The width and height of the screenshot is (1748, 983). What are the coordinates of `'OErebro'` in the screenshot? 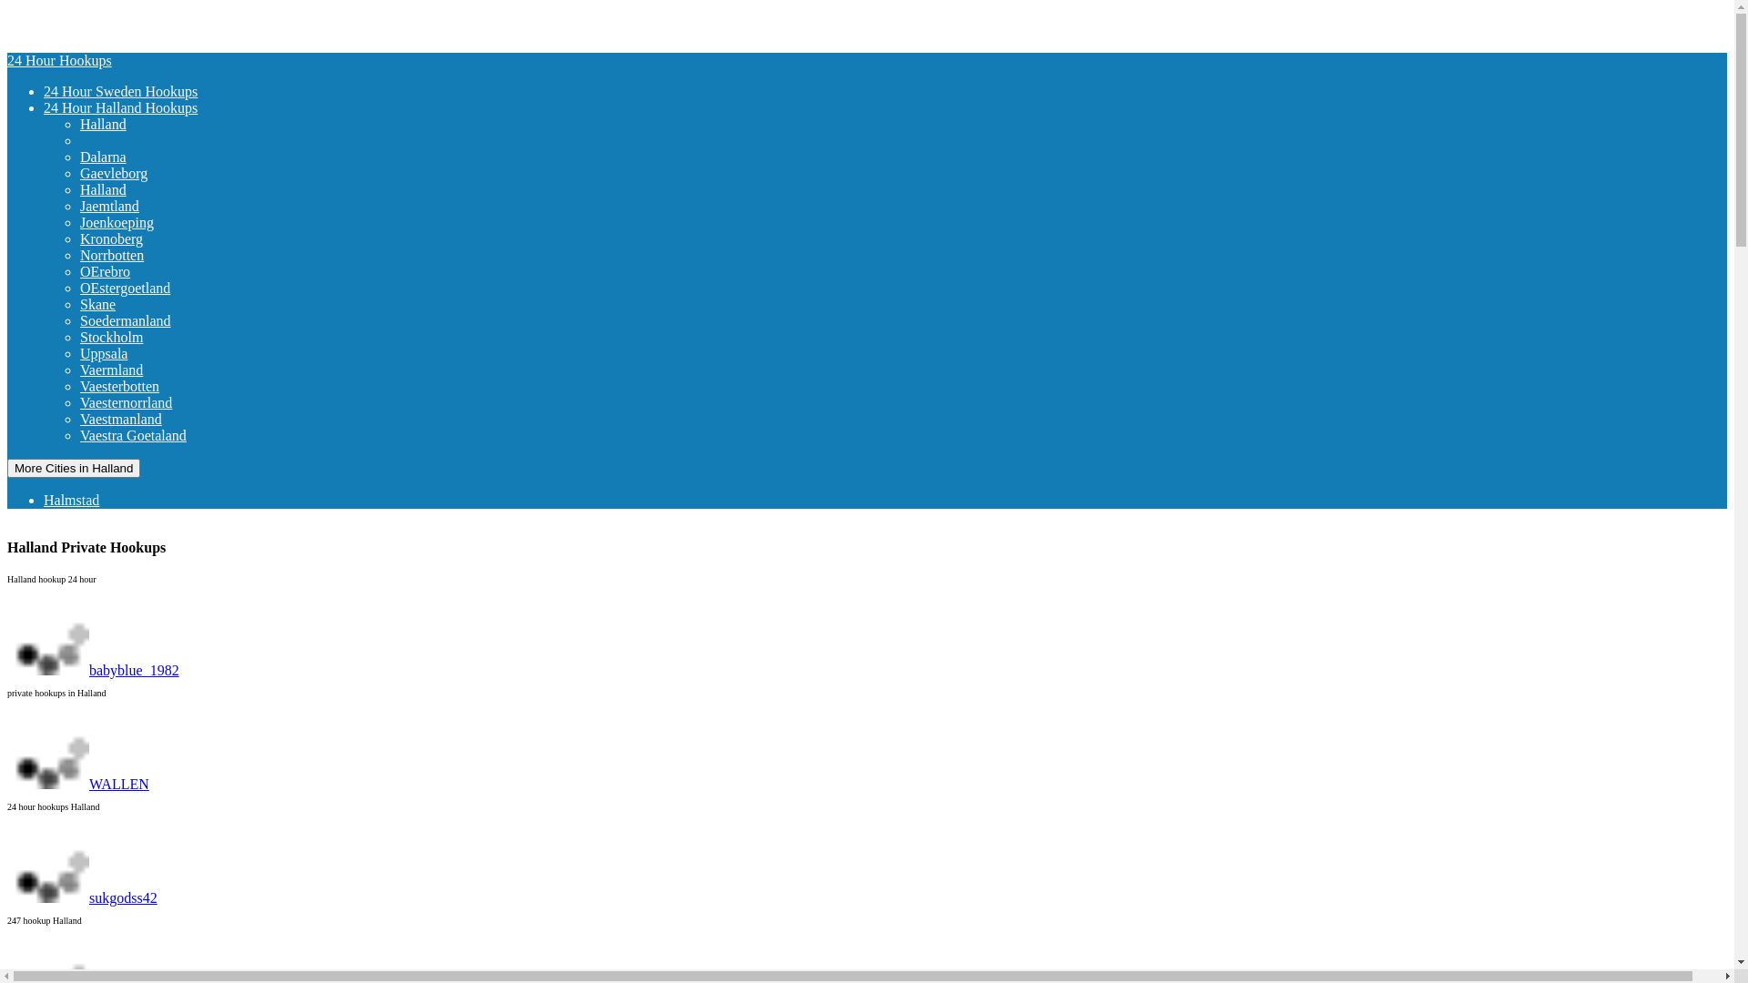 It's located at (78, 271).